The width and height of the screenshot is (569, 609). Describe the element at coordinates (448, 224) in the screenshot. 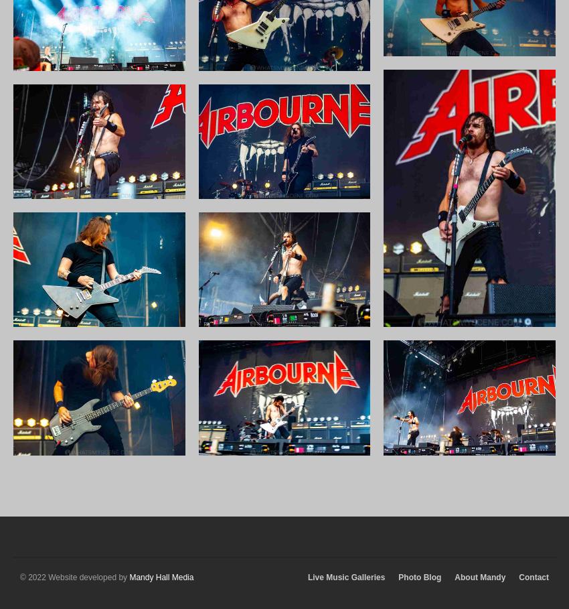

I see `'March 2019'` at that location.